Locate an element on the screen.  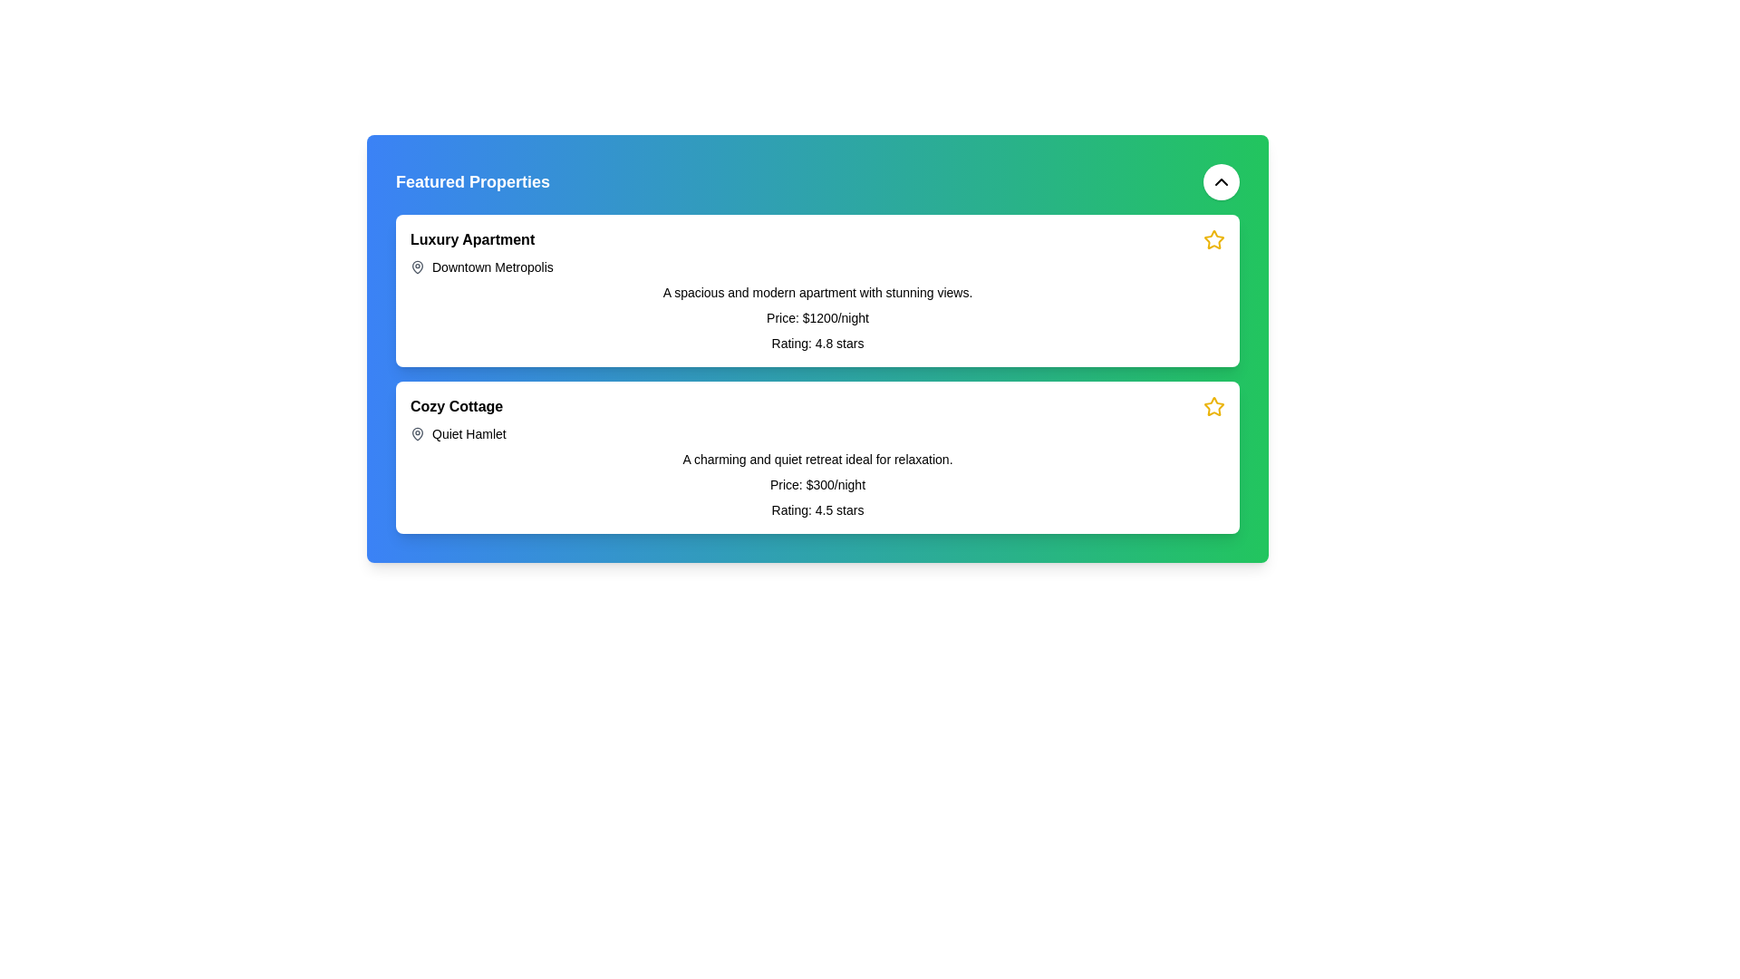
text label displaying 'Rating: 4.8 stars' located at the bottom of the detailed card for the 'Luxury Apartment' property, directly beneath the 'Price: $1200/night' is located at coordinates (817, 343).